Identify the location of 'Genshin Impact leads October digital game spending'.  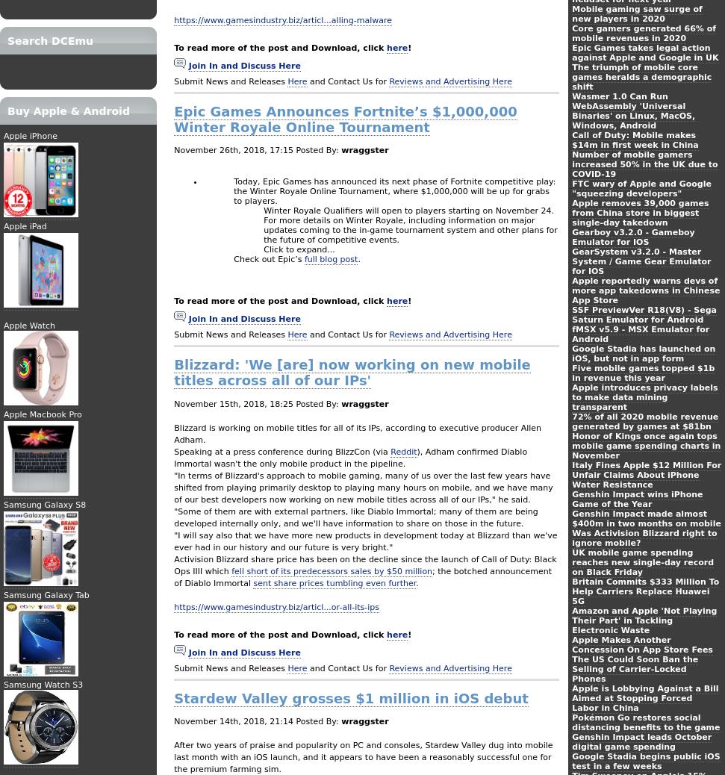
(572, 741).